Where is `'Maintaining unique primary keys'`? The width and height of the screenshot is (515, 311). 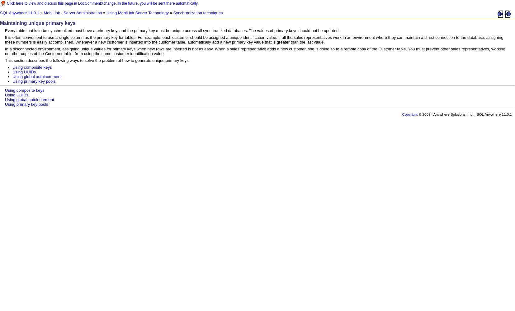 'Maintaining unique primary keys' is located at coordinates (37, 23).